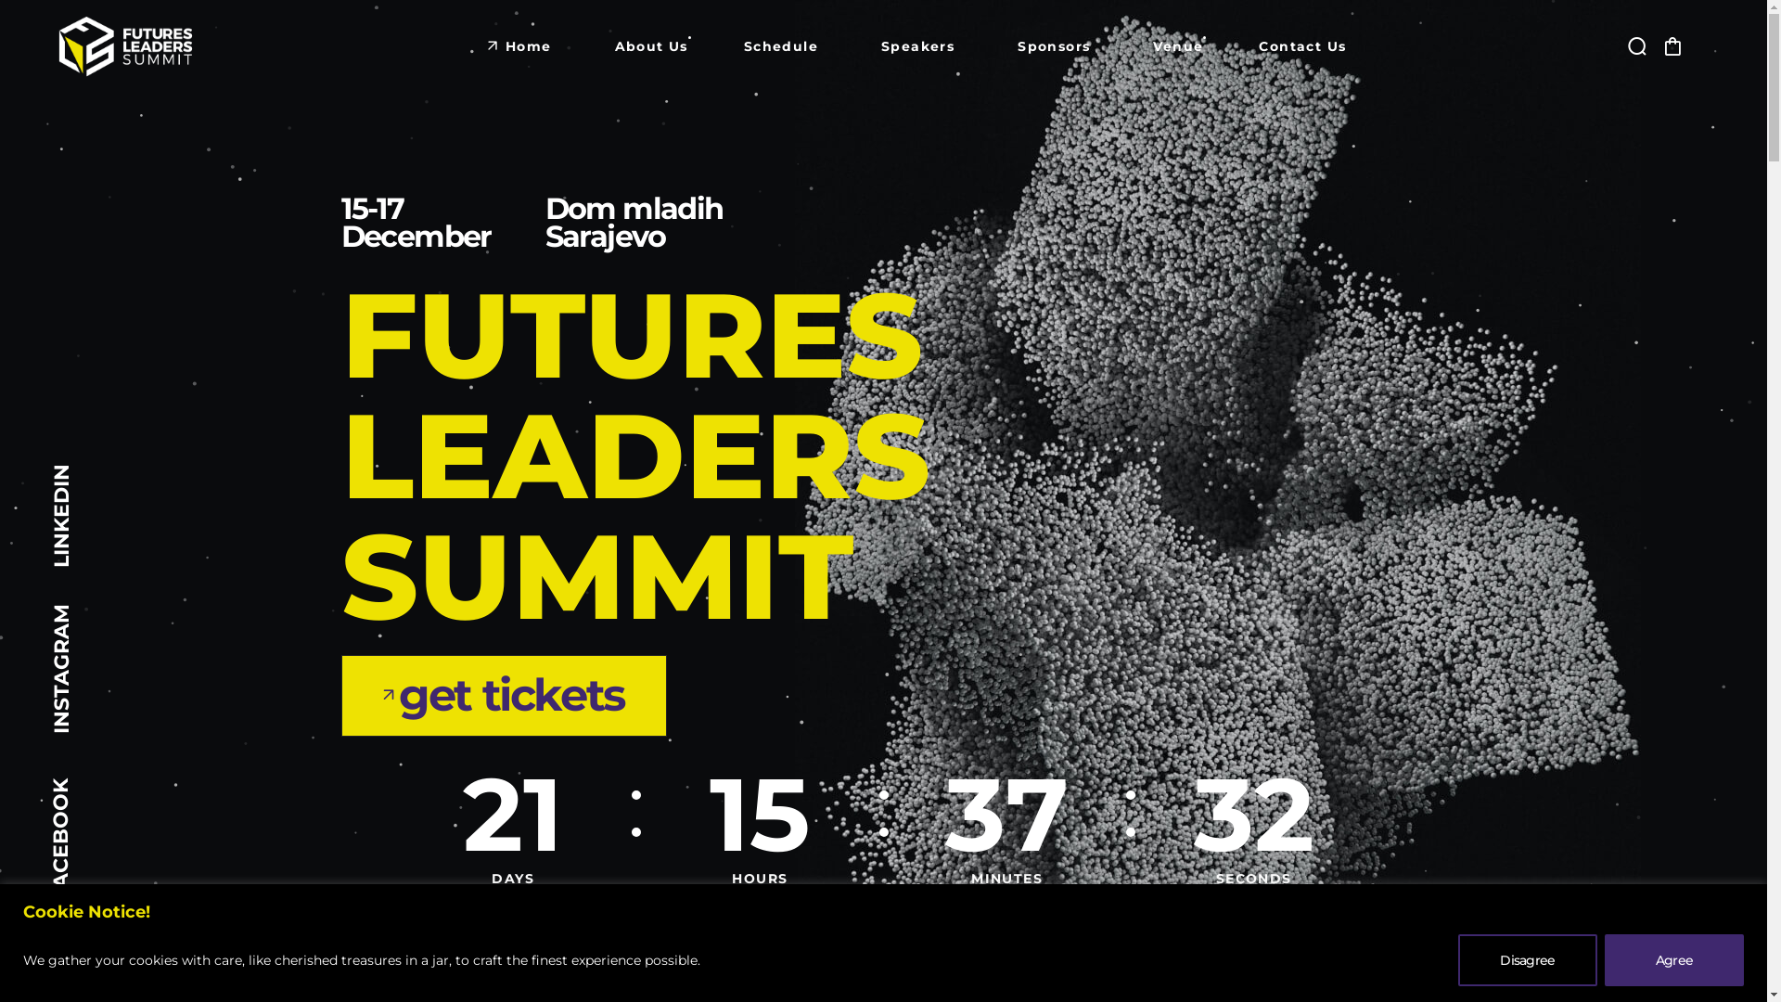 Image resolution: width=1781 pixels, height=1002 pixels. Describe the element at coordinates (1054, 45) in the screenshot. I see `'Sponsors'` at that location.